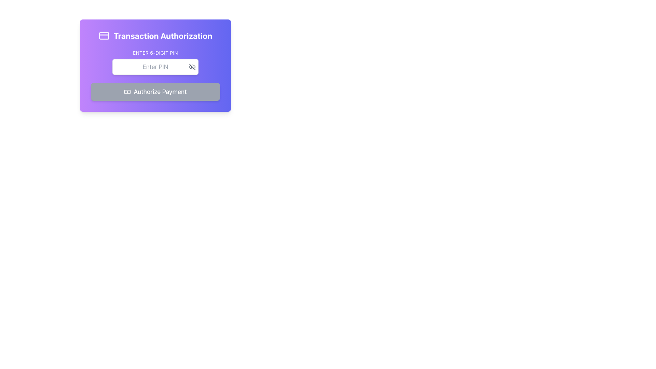 The height and width of the screenshot is (369, 656). Describe the element at coordinates (155, 52) in the screenshot. I see `the text label displaying 'Enter 6-digit PIN' which is styled in white uppercase letters, located above the input field for PIN entry` at that location.